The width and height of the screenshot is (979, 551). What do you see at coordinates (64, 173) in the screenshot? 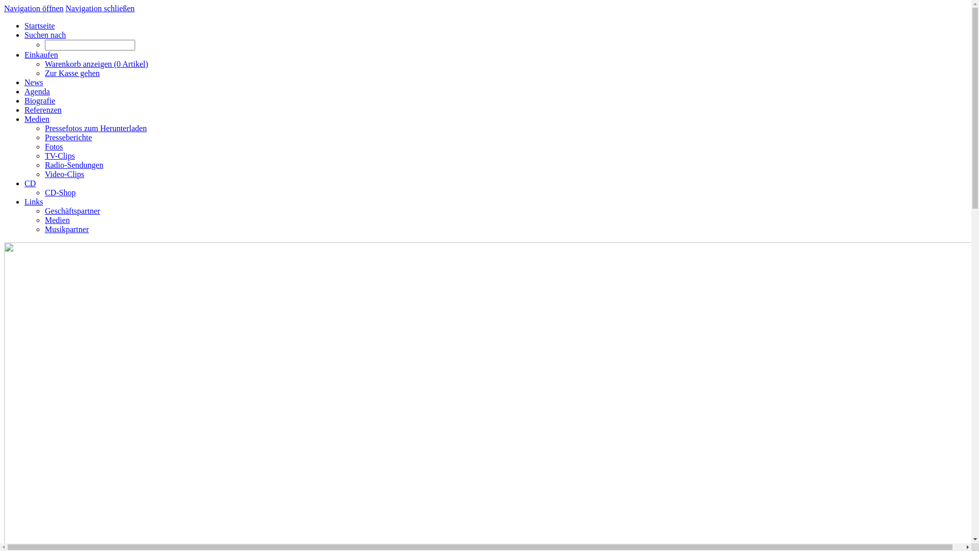
I see `'Video-Clips'` at bounding box center [64, 173].